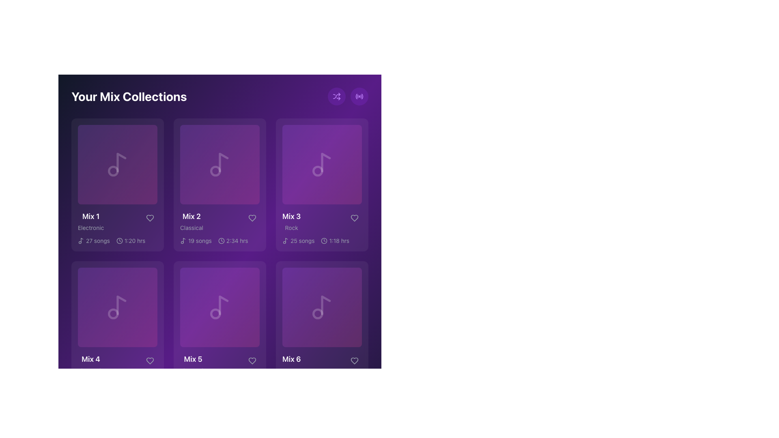 Image resolution: width=779 pixels, height=438 pixels. Describe the element at coordinates (184, 240) in the screenshot. I see `the musical note icon located at the top-right part of the SVG graphic underneath the card labeled 'Mix 2'` at that location.